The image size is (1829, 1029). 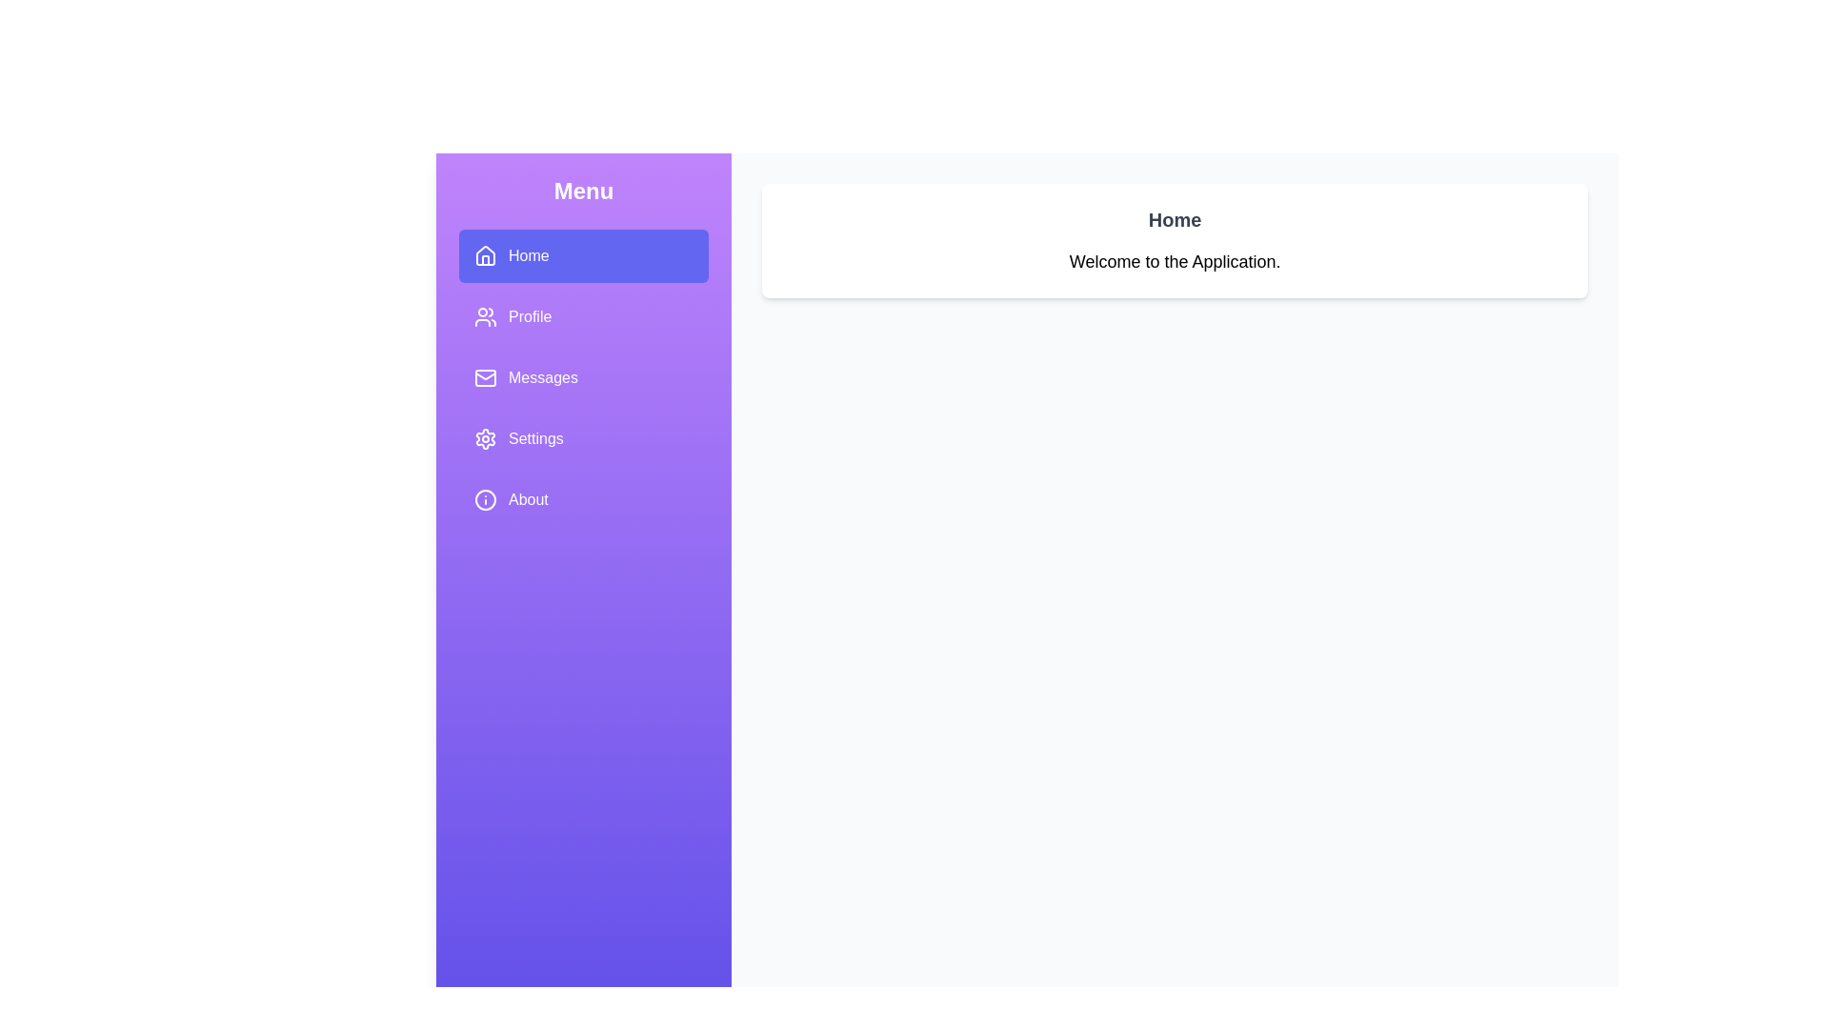 I want to click on the 'Settings' option in the navigation menu, which is the fourth item in the list, positioned below 'Messages' and above 'About', so click(x=534, y=439).